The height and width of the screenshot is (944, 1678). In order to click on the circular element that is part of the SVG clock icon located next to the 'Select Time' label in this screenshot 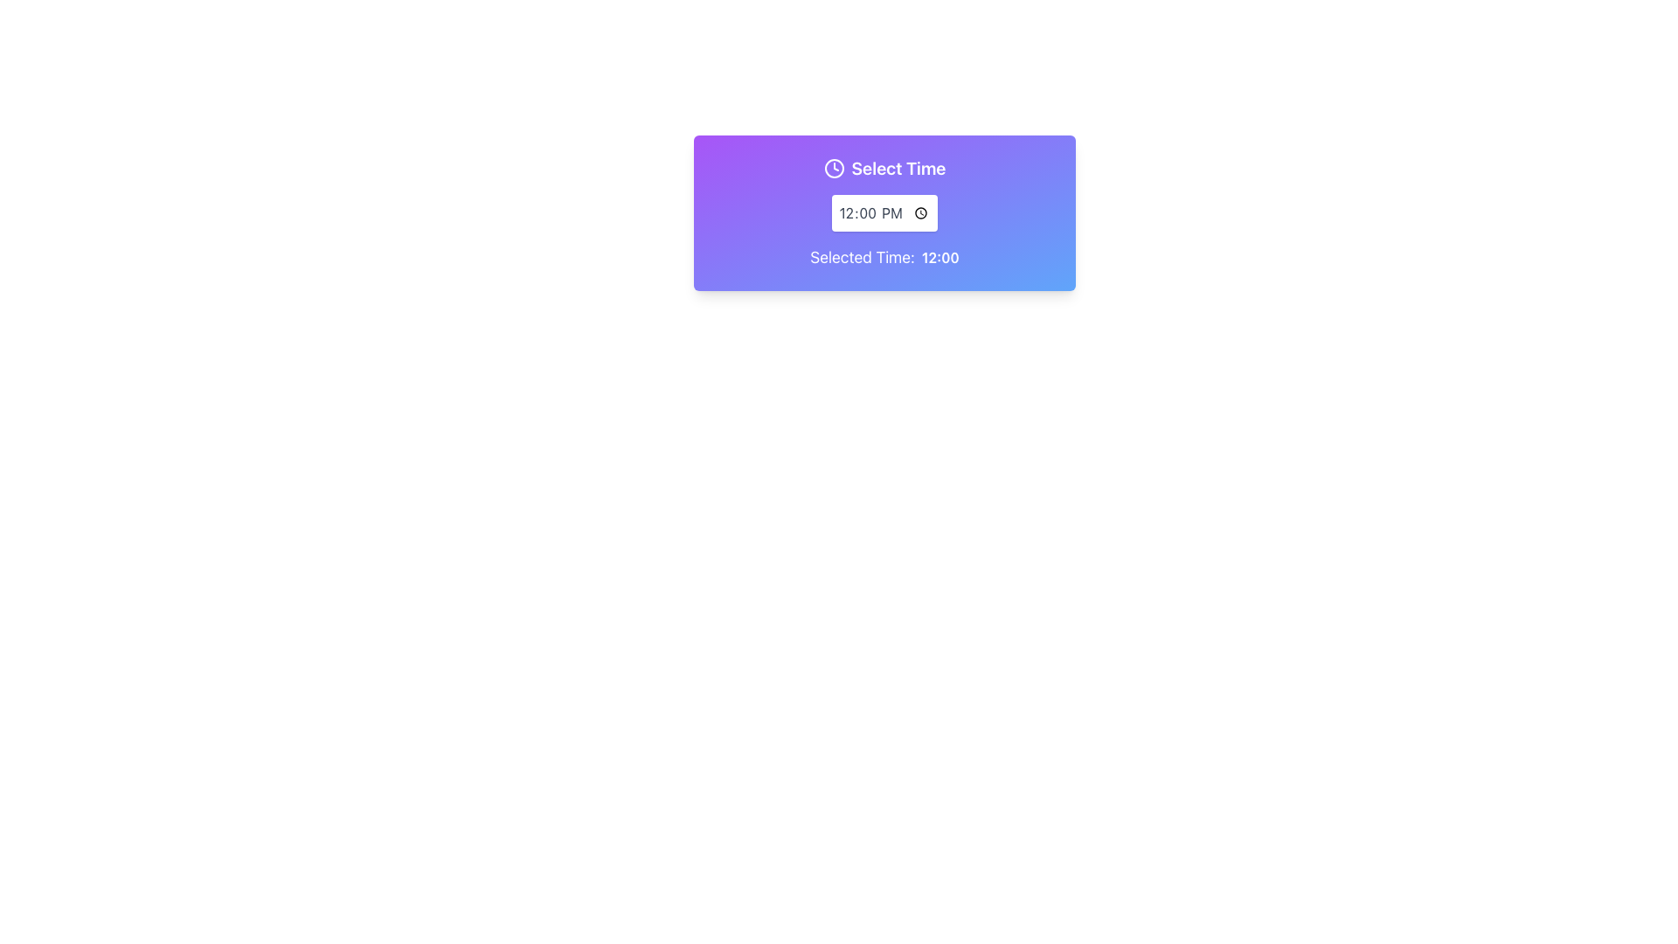, I will do `click(833, 168)`.